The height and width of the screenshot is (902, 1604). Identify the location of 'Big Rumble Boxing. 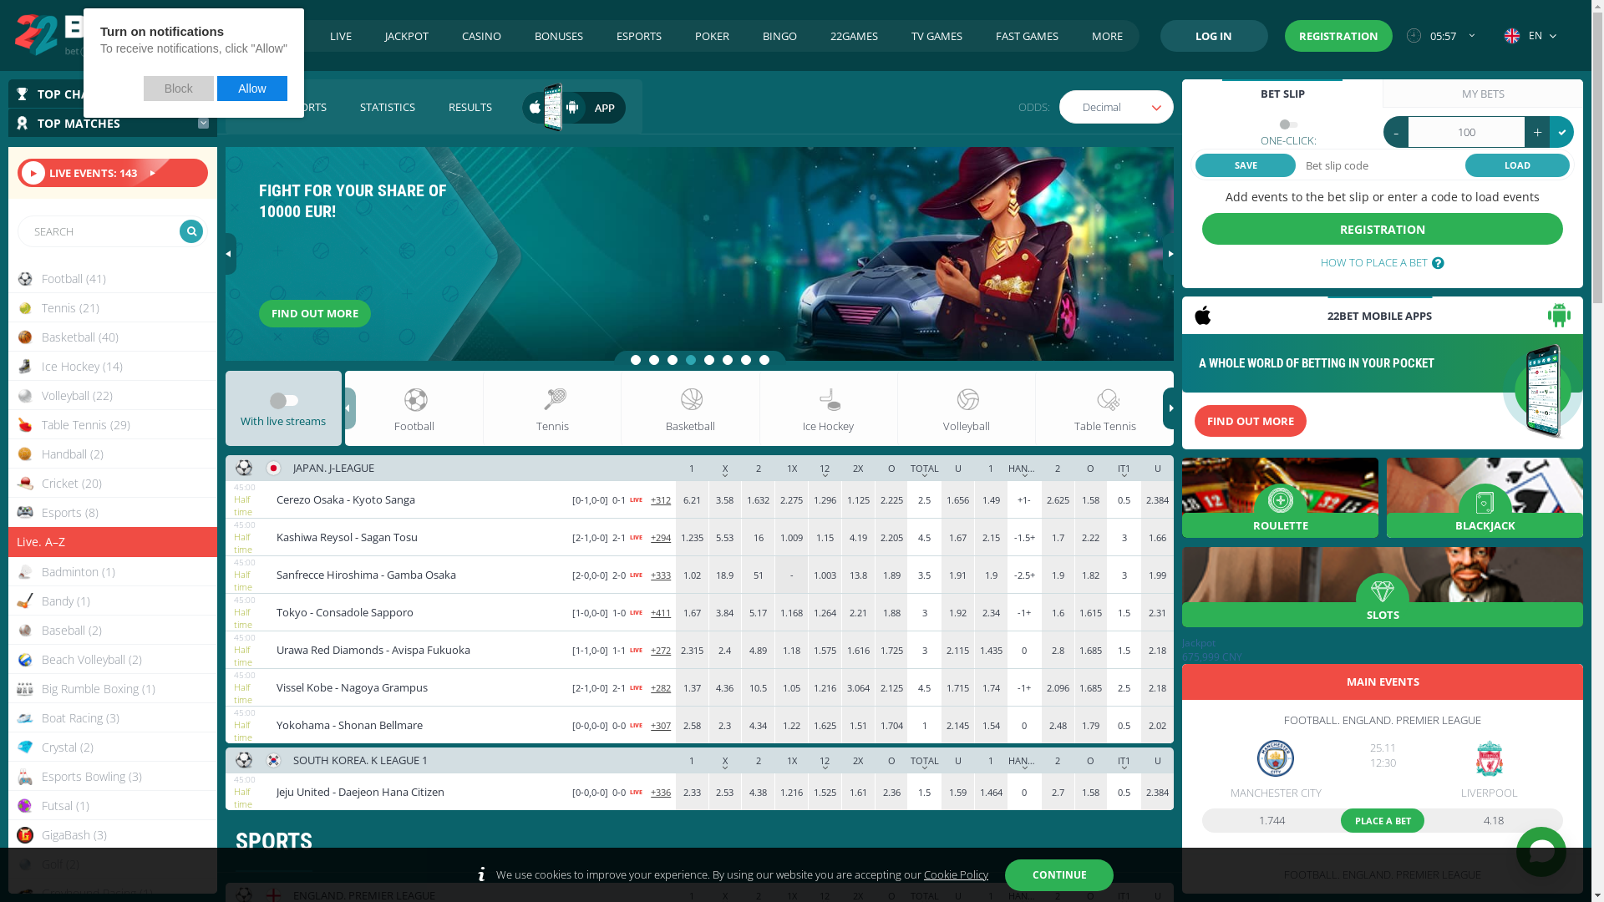
(111, 688).